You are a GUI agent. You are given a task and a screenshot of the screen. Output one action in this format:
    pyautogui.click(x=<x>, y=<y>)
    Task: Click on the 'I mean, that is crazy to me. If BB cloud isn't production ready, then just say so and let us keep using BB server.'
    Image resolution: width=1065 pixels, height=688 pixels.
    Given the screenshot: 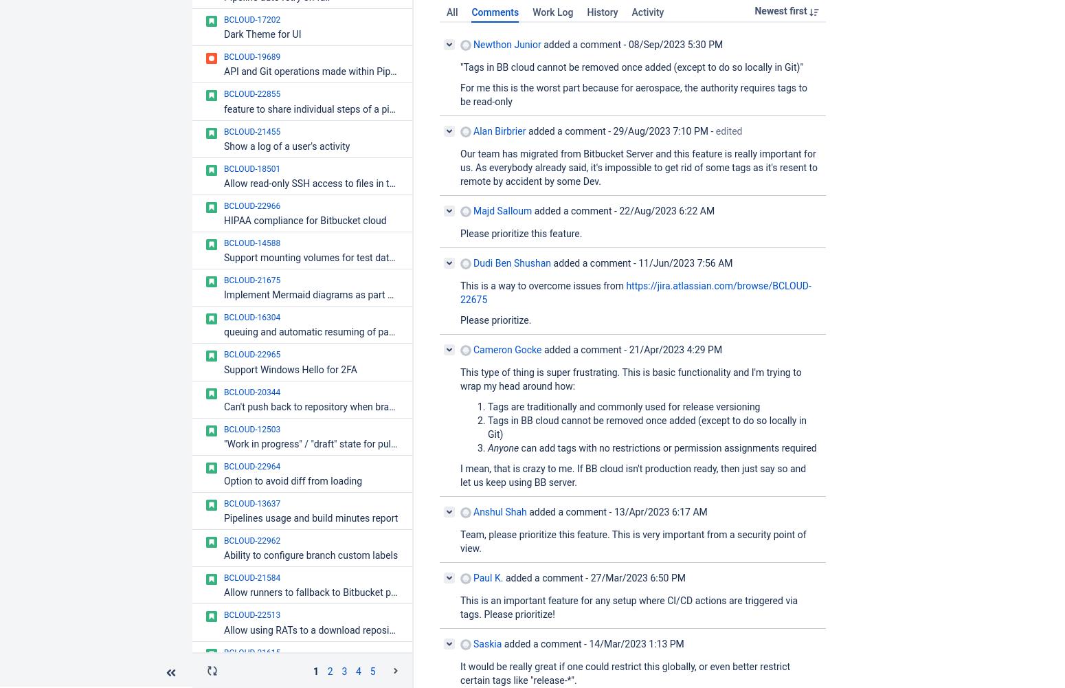 What is the action you would take?
    pyautogui.click(x=633, y=474)
    